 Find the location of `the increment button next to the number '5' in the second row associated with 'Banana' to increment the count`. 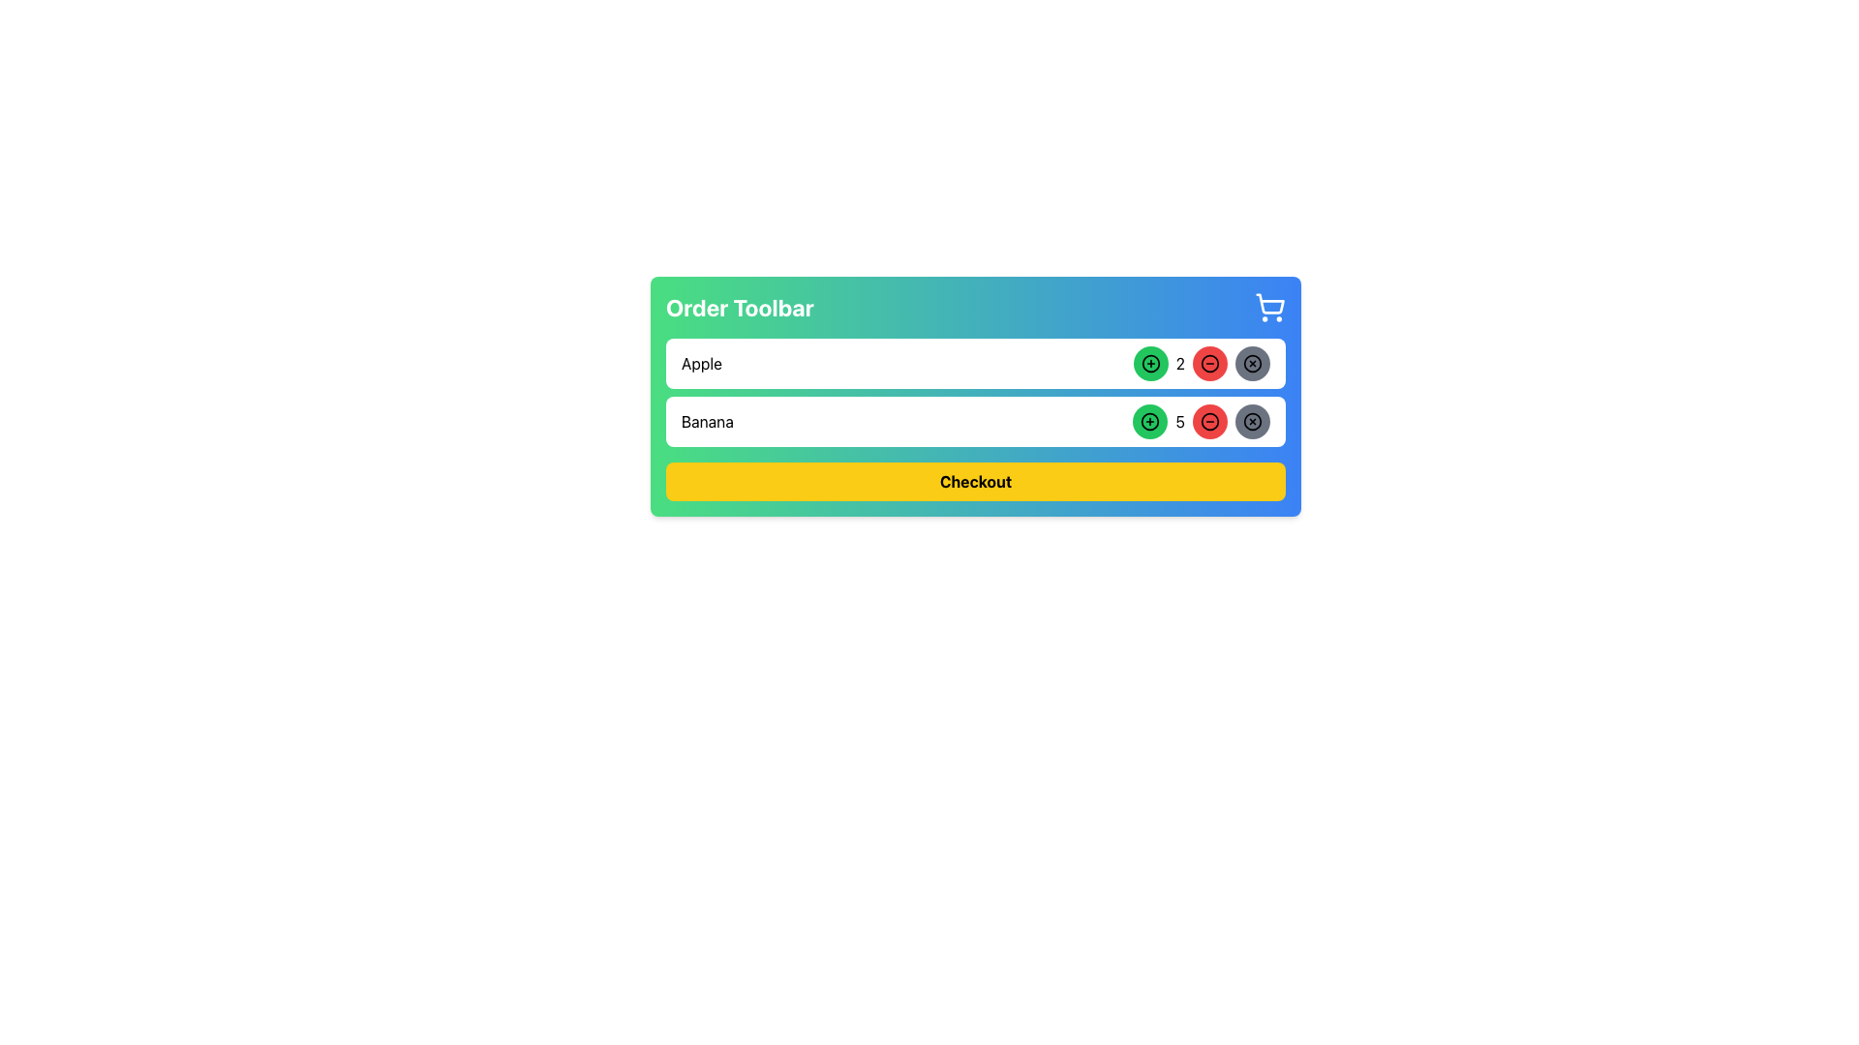

the increment button next to the number '5' in the second row associated with 'Banana' to increment the count is located at coordinates (1150, 420).